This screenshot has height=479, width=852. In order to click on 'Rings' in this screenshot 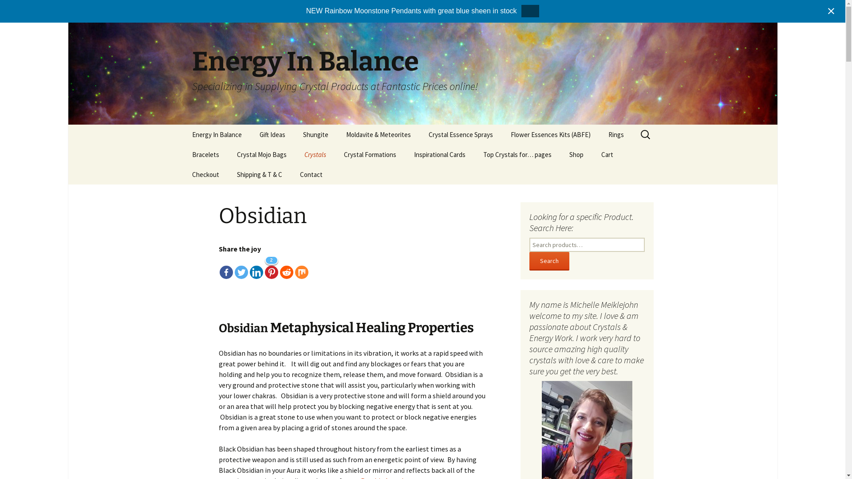, I will do `click(599, 134)`.